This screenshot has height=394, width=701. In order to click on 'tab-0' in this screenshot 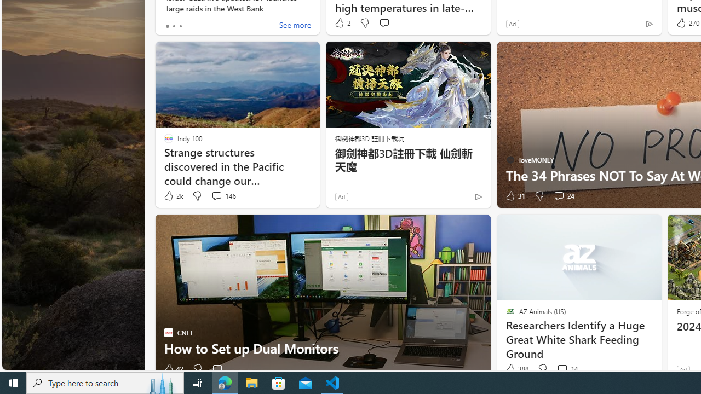, I will do `click(166, 25)`.